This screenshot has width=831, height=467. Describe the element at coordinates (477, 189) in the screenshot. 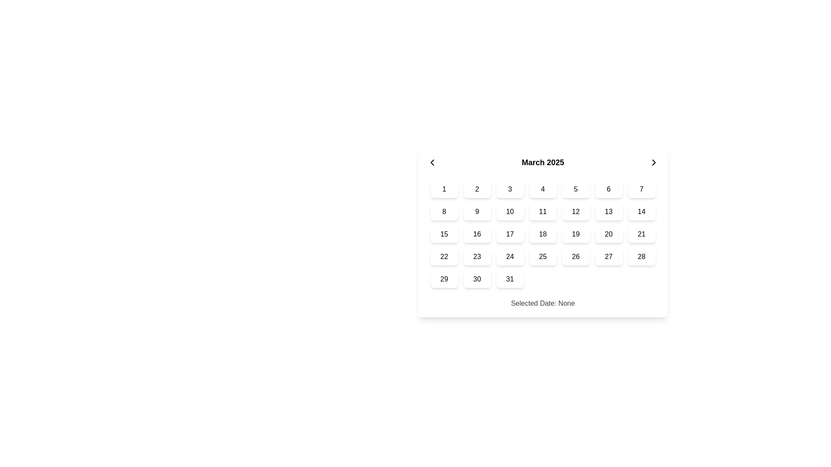

I see `the calendar day button representing the 2nd day of the month` at that location.